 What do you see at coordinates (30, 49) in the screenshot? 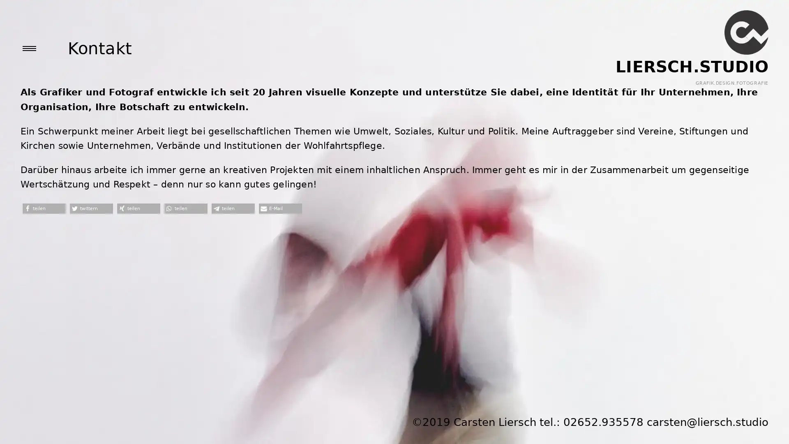
I see `open sidebar area` at bounding box center [30, 49].